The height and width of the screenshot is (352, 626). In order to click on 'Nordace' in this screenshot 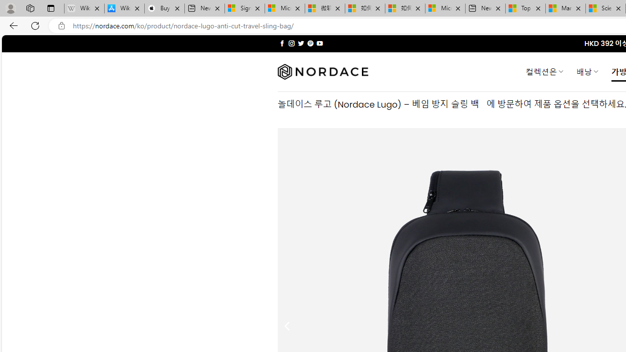, I will do `click(322, 71)`.